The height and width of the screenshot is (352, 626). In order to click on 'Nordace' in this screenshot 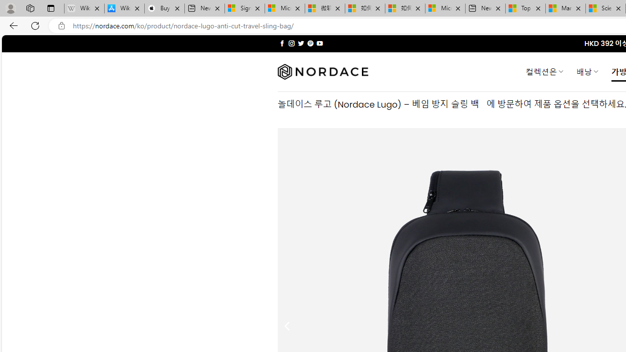, I will do `click(322, 71)`.